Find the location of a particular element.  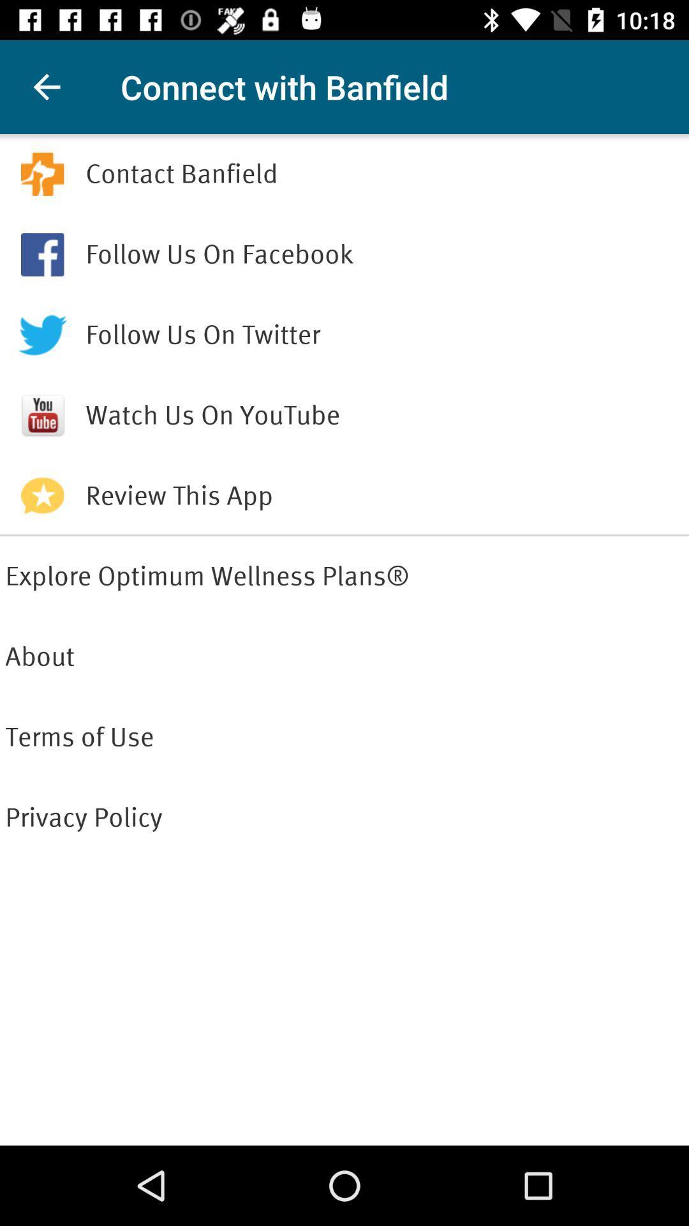

about item is located at coordinates (344, 656).